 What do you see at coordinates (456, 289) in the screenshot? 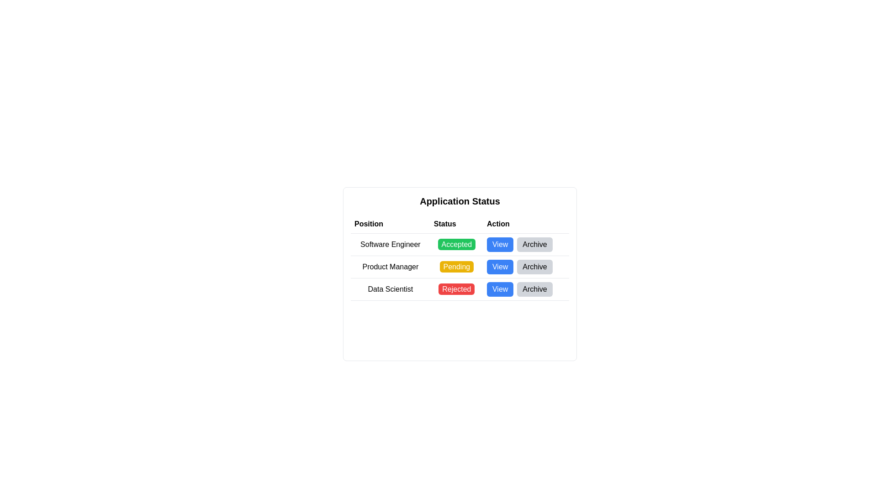
I see `the red rectangular button labeled 'Rejected' in the status column of the third row for the 'Data Scientist' position in the application status table` at bounding box center [456, 289].